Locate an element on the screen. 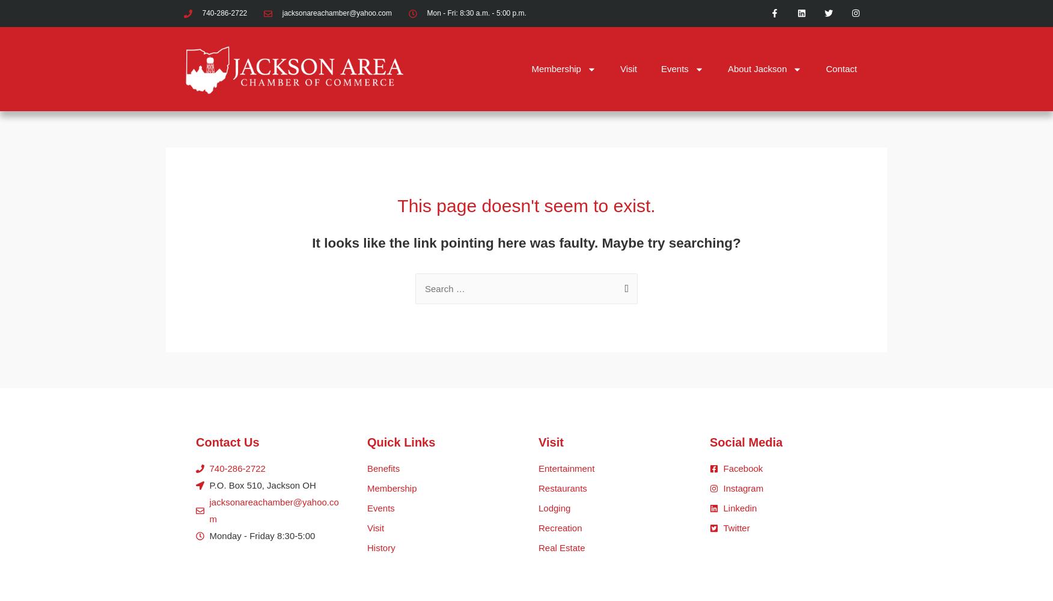 The height and width of the screenshot is (601, 1053). 'Instagram' is located at coordinates (743, 488).